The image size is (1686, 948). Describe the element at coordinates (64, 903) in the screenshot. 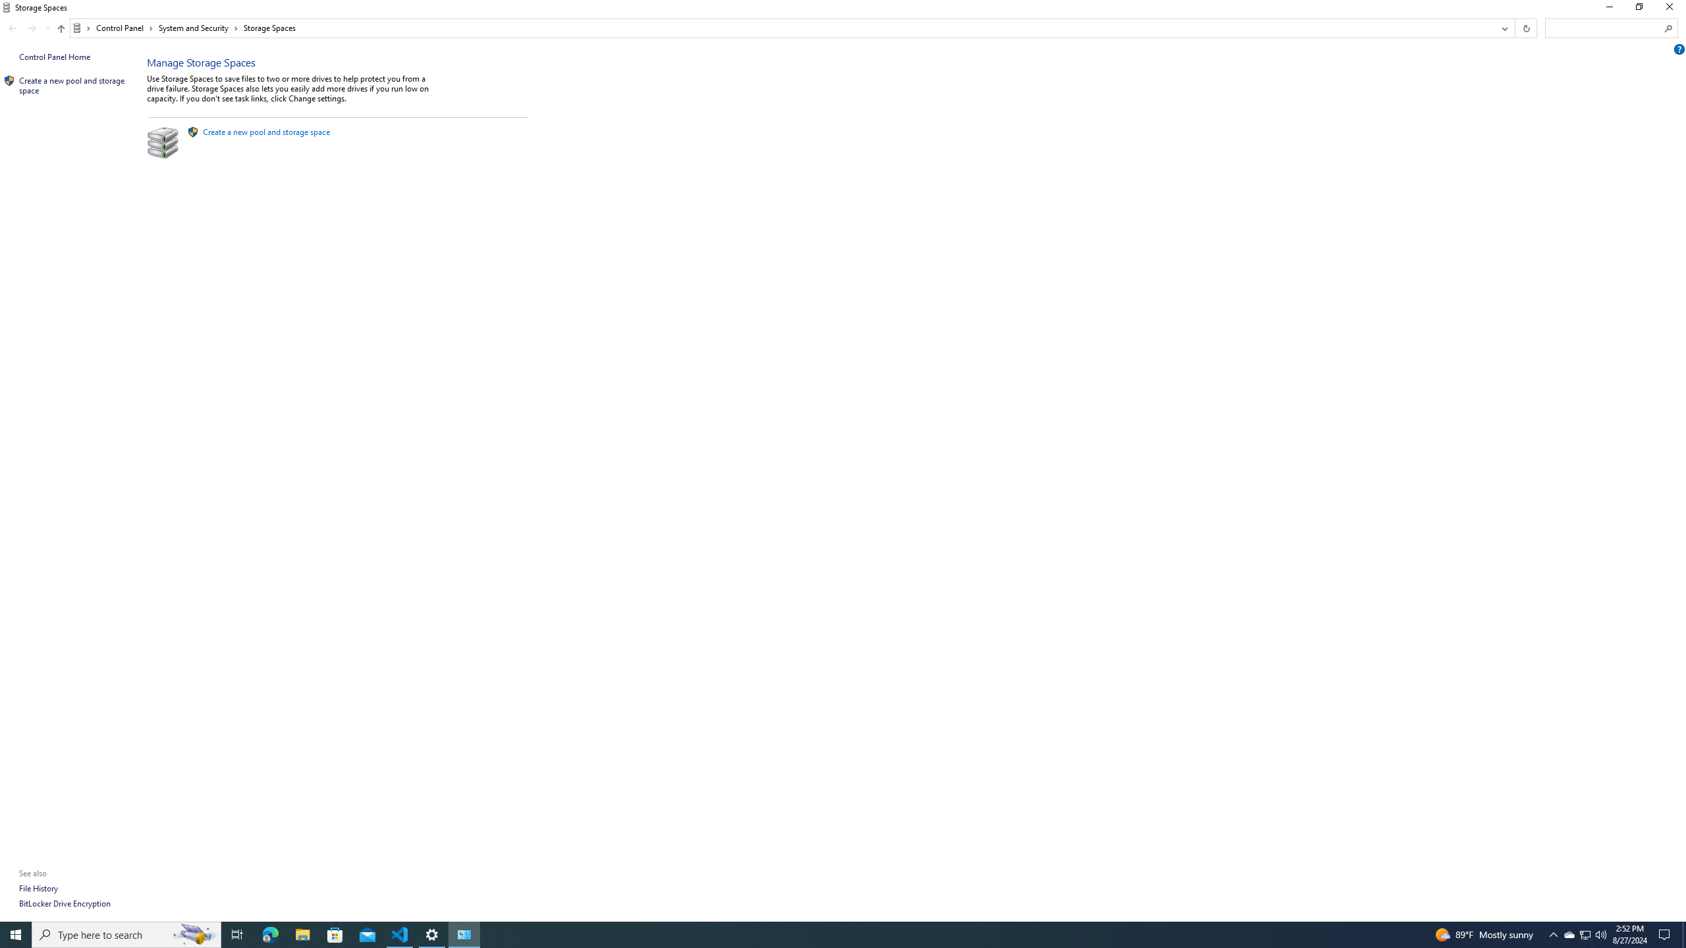

I see `'BitLocker Drive Encryption'` at that location.